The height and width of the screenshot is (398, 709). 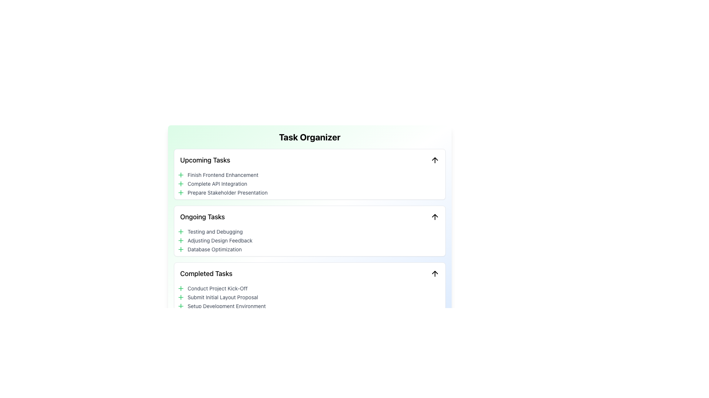 What do you see at coordinates (435, 217) in the screenshot?
I see `the icon button for collapsing or expanding the 'Ongoing Tasks' section` at bounding box center [435, 217].